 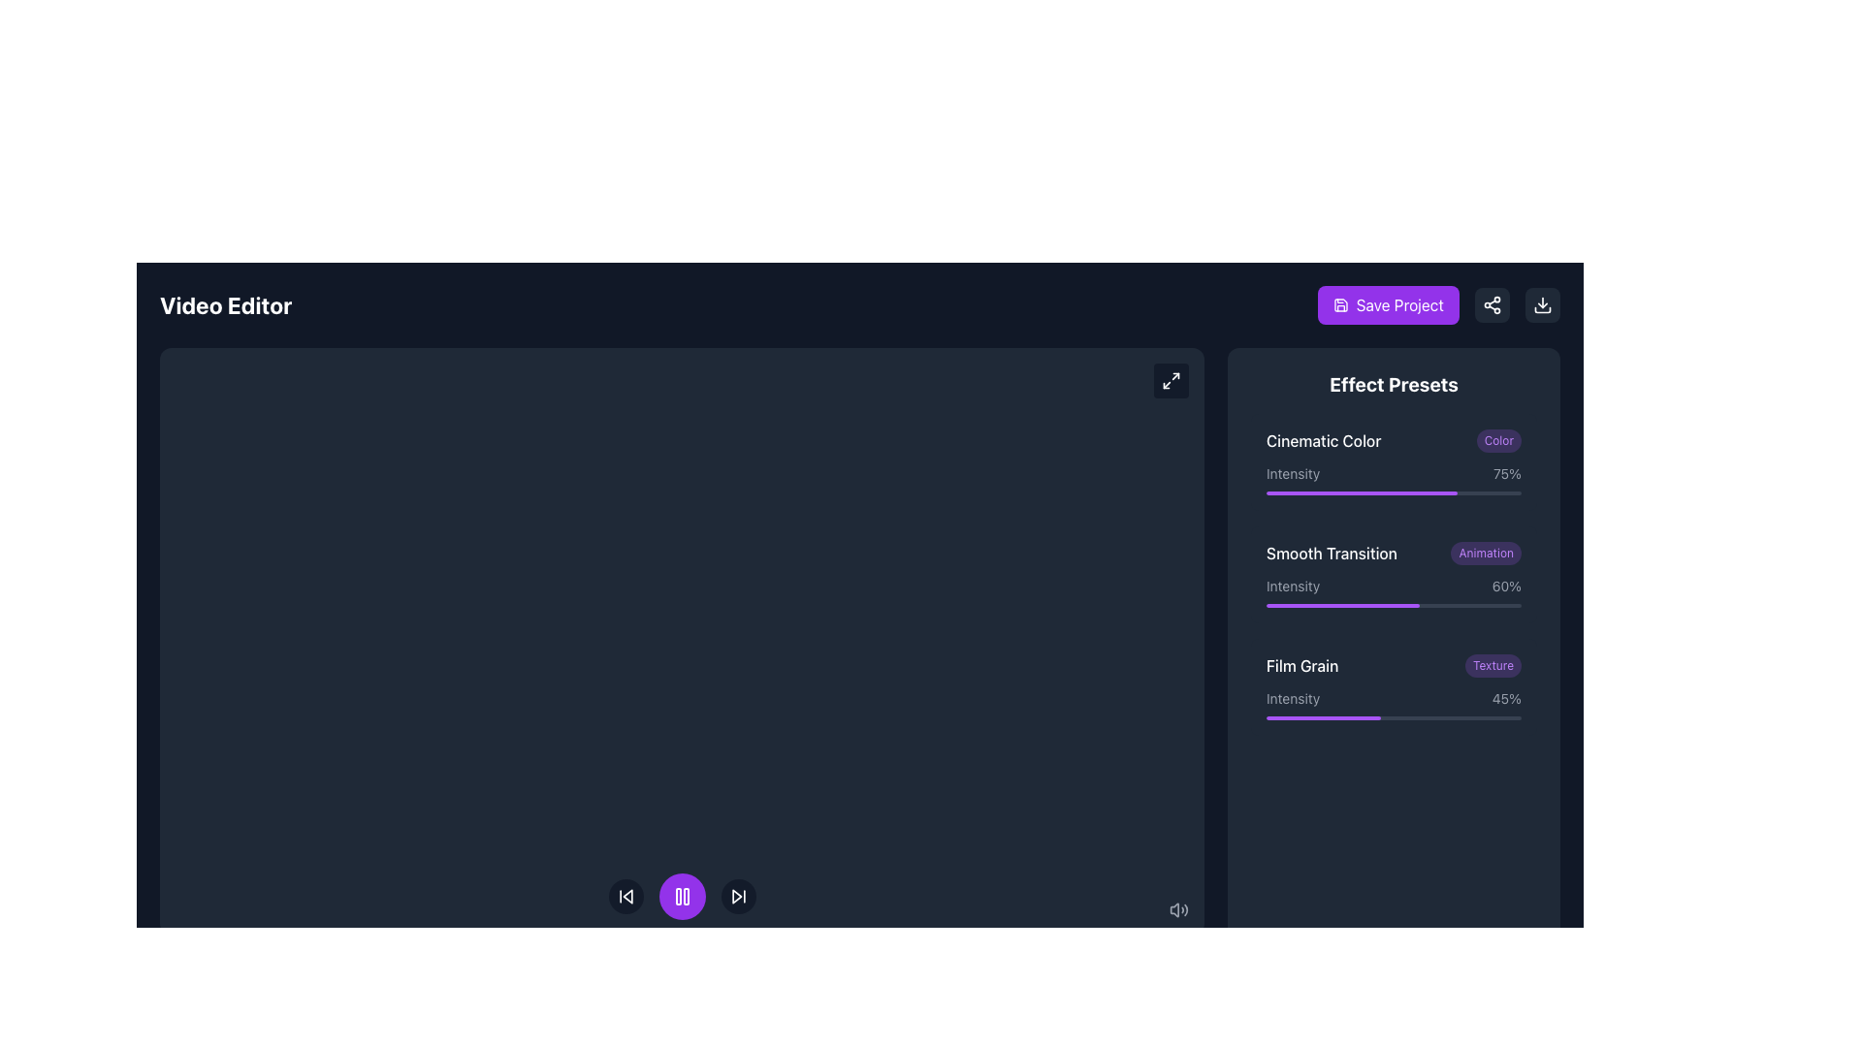 I want to click on the right bar of the pause symbol, which is a tall, narrow rectangle with rounded corners, styled in white against a violet circular background, so click(x=686, y=896).